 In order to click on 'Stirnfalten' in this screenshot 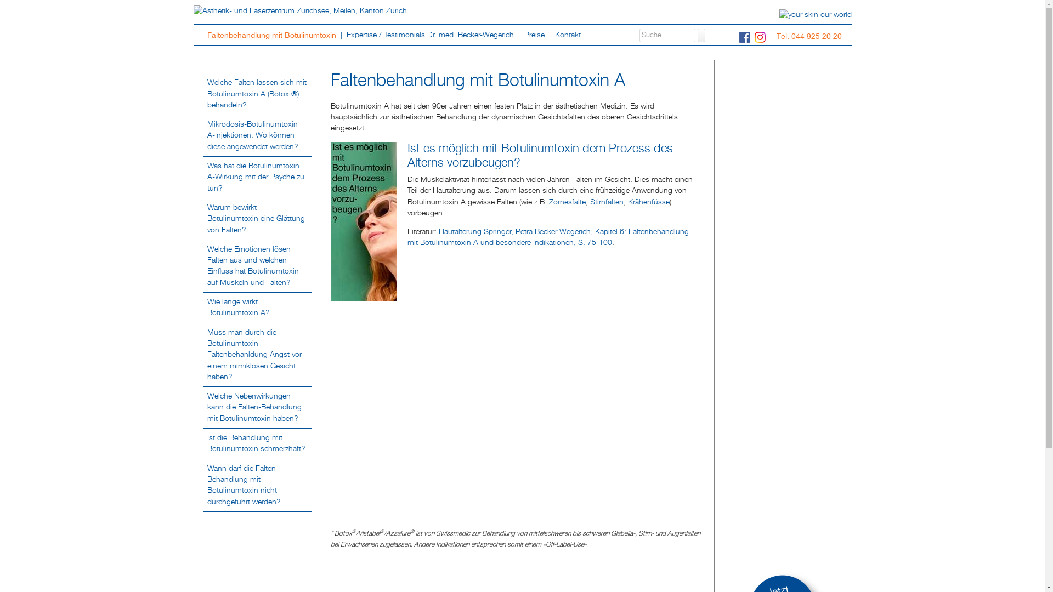, I will do `click(589, 202)`.